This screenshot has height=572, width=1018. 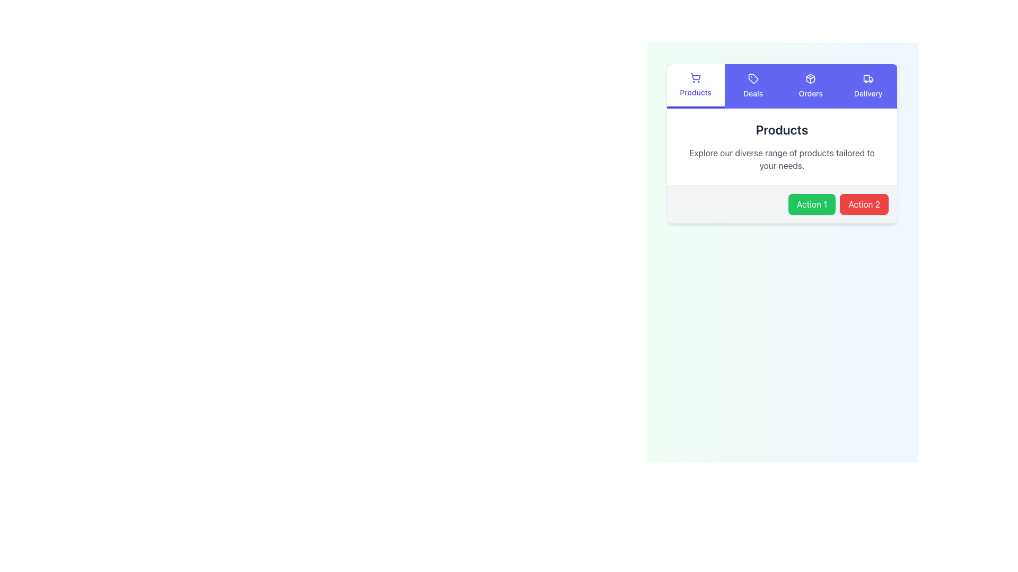 What do you see at coordinates (752, 85) in the screenshot?
I see `the 'Deals' button with a purple background, which is the second button in the navigation bar, to change its background color` at bounding box center [752, 85].